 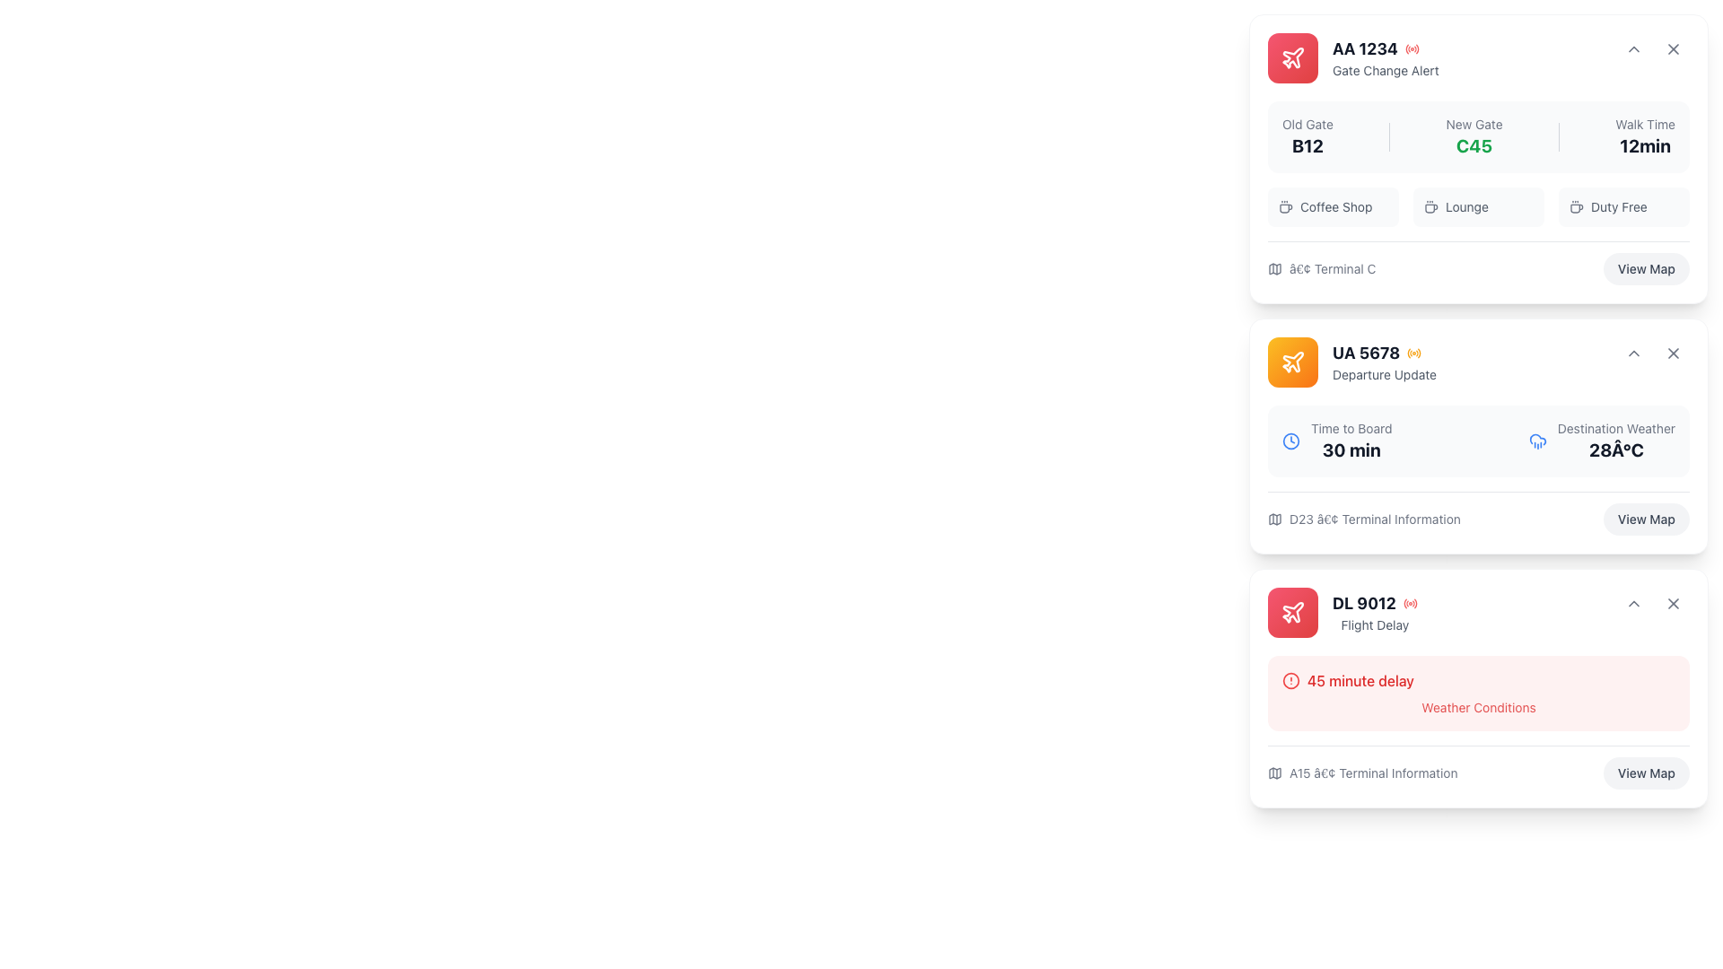 I want to click on the Informational panel titled 'AA 1234 Gate Change Alert', so click(x=1478, y=193).